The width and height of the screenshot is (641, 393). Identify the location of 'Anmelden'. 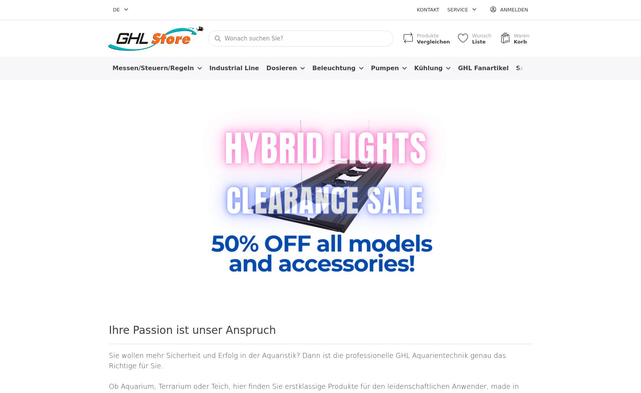
(514, 10).